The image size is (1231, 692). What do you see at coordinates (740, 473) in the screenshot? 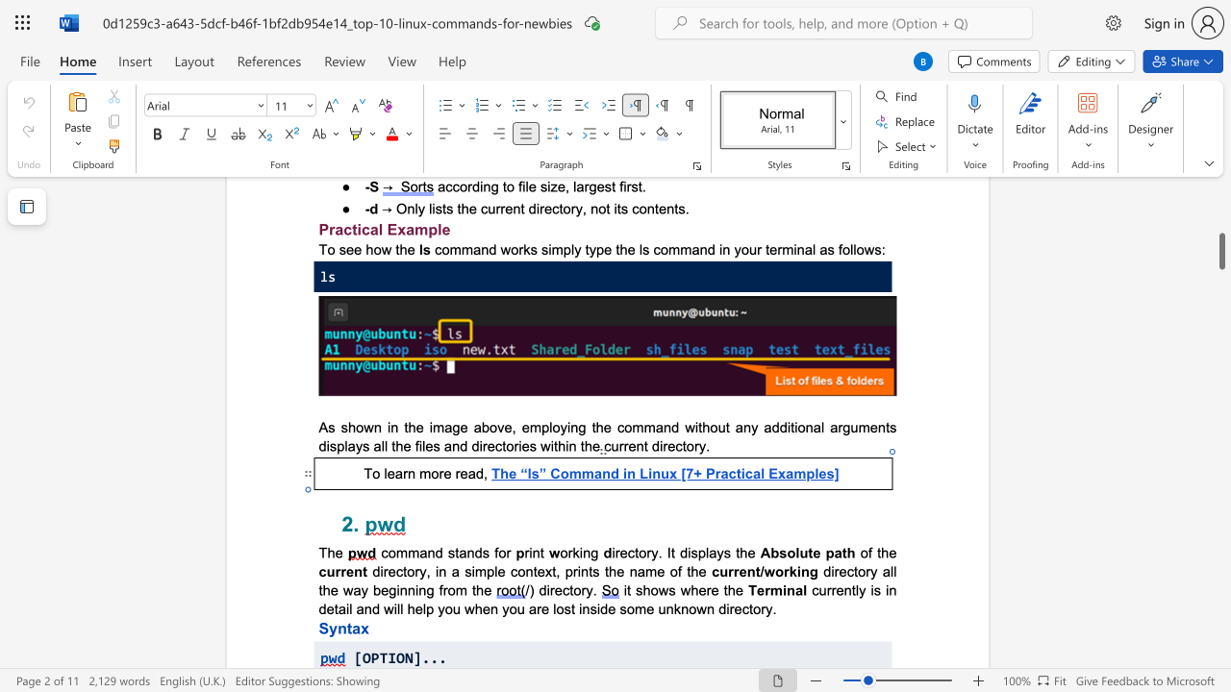
I see `the space between the continuous character "t" and "i" in the text` at bounding box center [740, 473].